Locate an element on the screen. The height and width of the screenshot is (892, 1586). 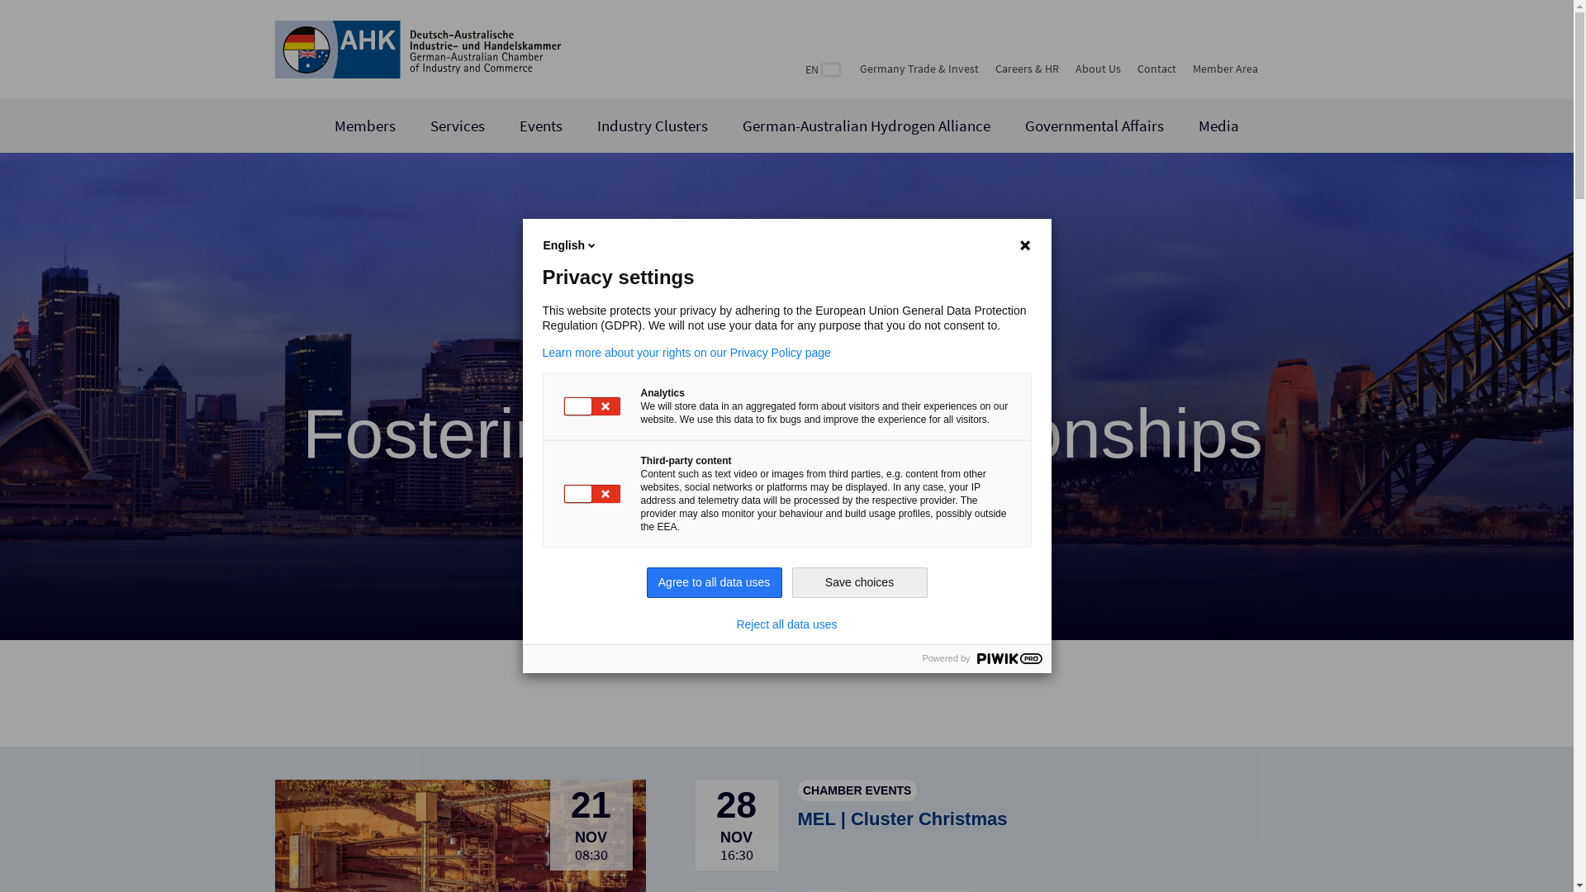
'MEL | Cluster Christmas' is located at coordinates (902, 818).